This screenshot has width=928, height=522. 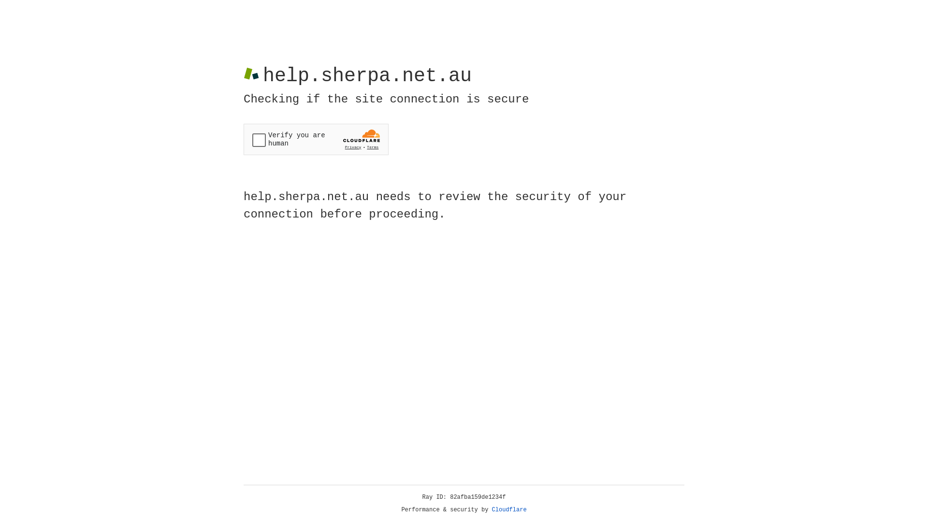 I want to click on 'Cloudflare', so click(x=509, y=509).